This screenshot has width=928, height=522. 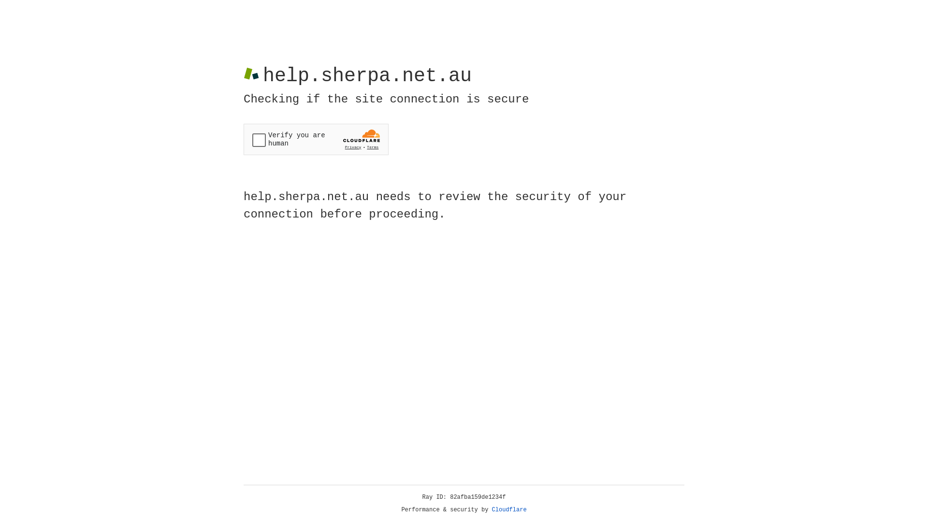 I want to click on 'Cloudflare', so click(x=509, y=509).